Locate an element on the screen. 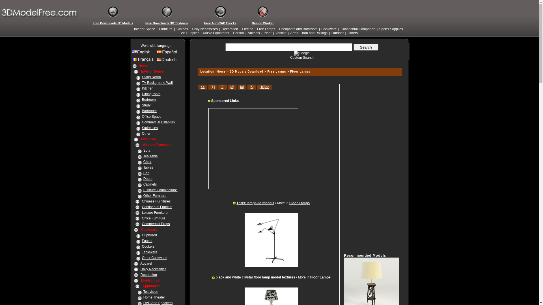 The height and width of the screenshot is (305, 543). 'Animals' is located at coordinates (253, 33).